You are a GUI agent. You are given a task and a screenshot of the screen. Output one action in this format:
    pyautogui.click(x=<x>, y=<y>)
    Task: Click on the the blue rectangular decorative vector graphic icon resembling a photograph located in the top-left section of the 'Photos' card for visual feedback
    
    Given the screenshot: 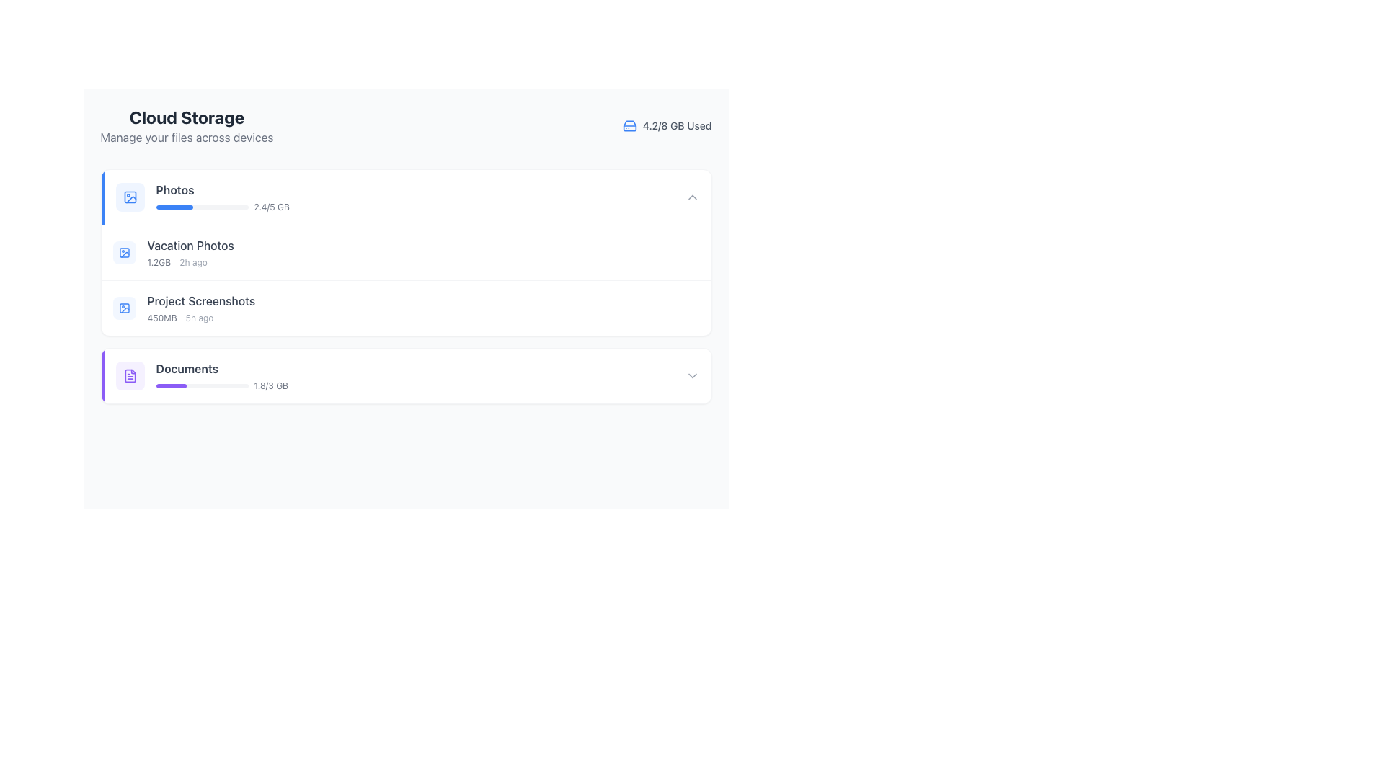 What is the action you would take?
    pyautogui.click(x=124, y=252)
    